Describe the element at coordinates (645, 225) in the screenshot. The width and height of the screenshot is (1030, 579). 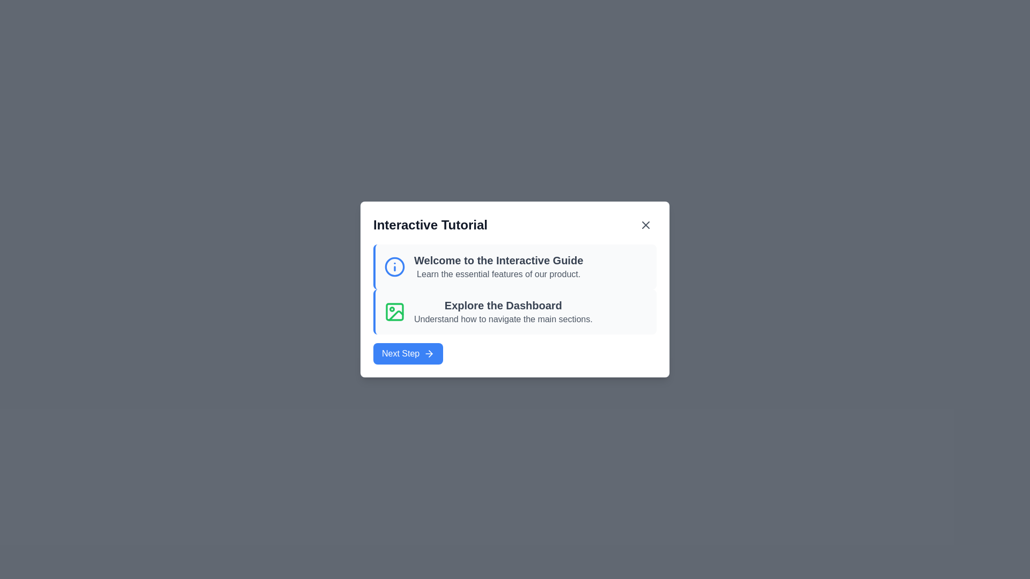
I see `the close icon button located in the top-right corner of the modal dialog box` at that location.